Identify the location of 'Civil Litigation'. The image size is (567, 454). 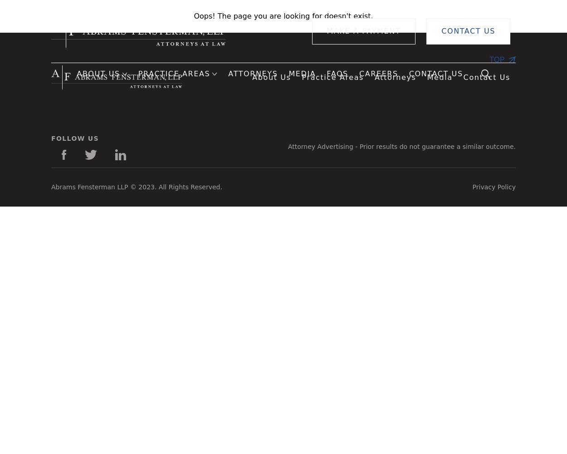
(332, 121).